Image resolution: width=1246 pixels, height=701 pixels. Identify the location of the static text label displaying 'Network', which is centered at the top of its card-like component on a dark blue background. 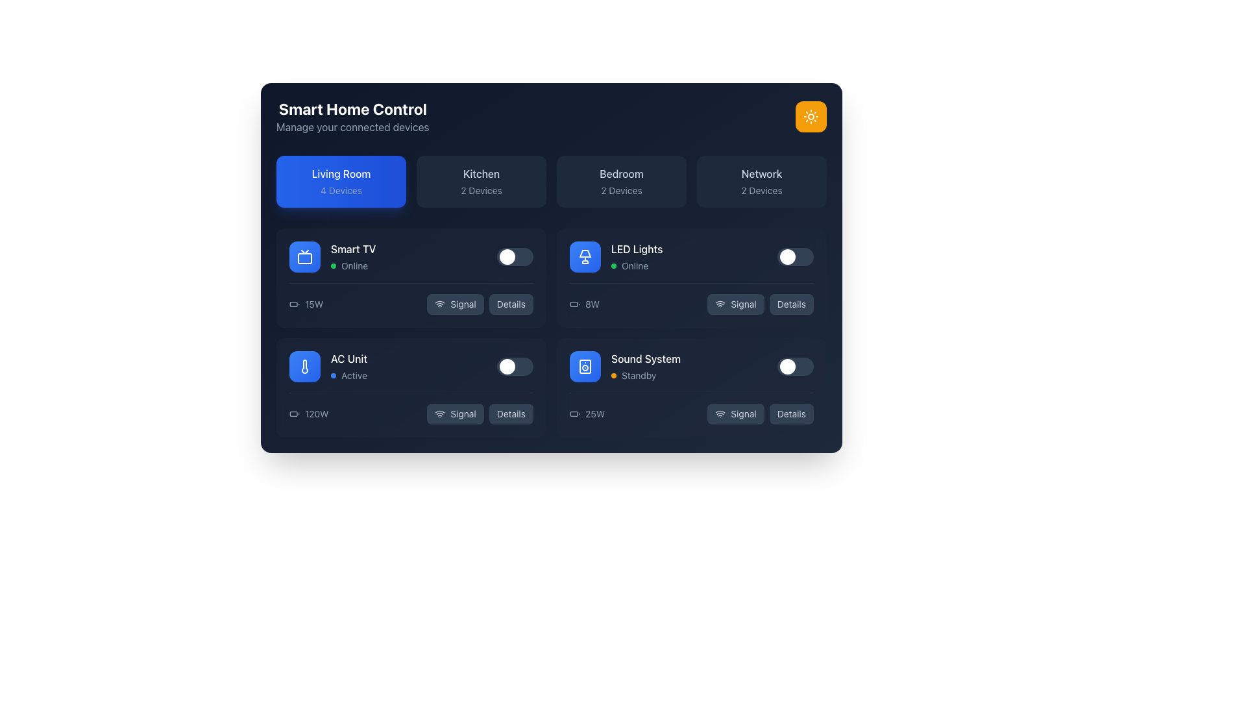
(762, 173).